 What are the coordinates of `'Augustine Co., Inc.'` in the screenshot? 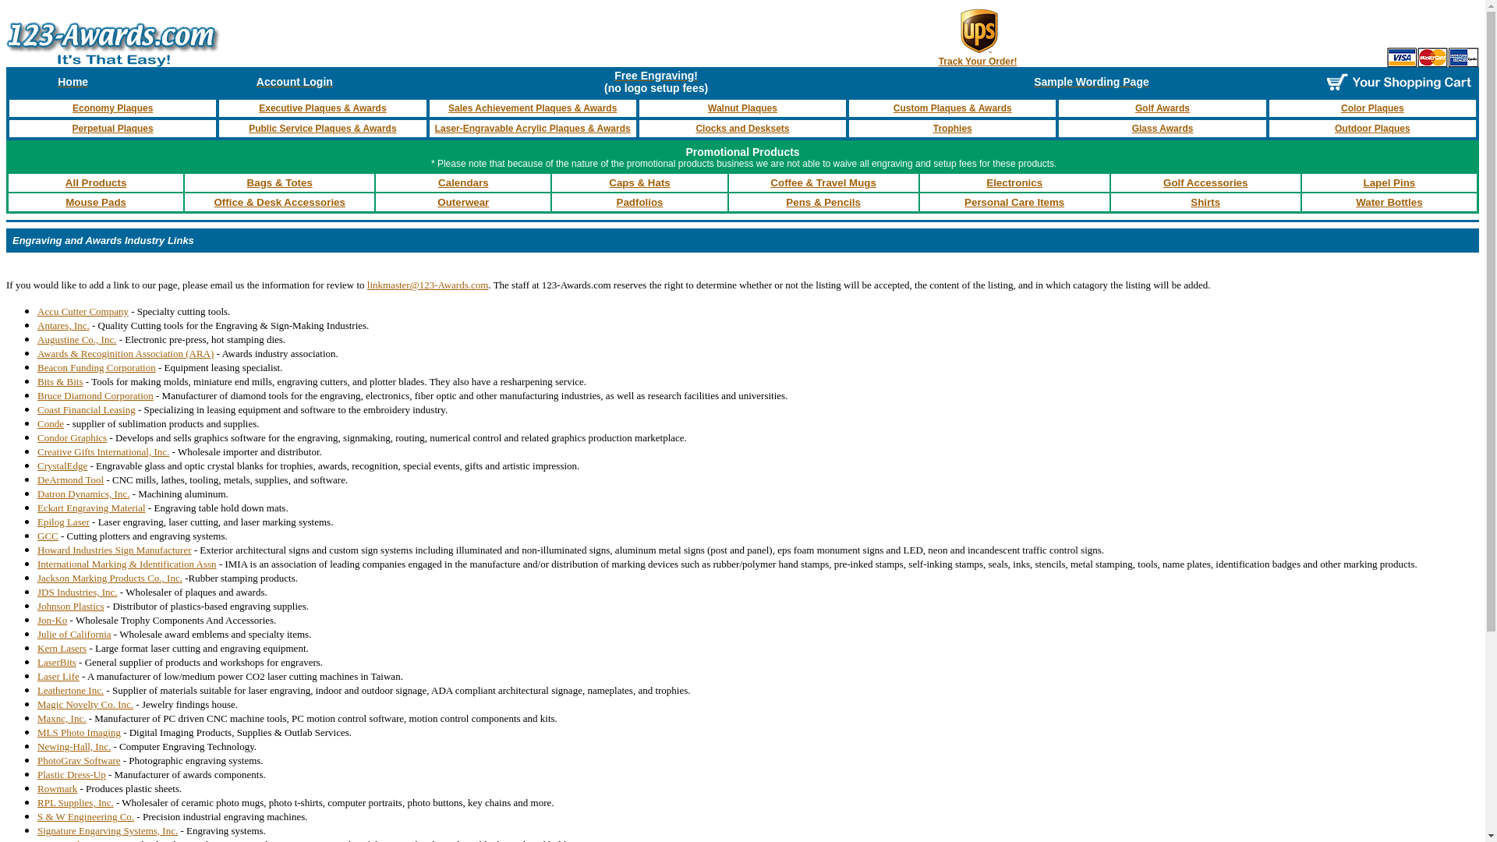 It's located at (37, 338).